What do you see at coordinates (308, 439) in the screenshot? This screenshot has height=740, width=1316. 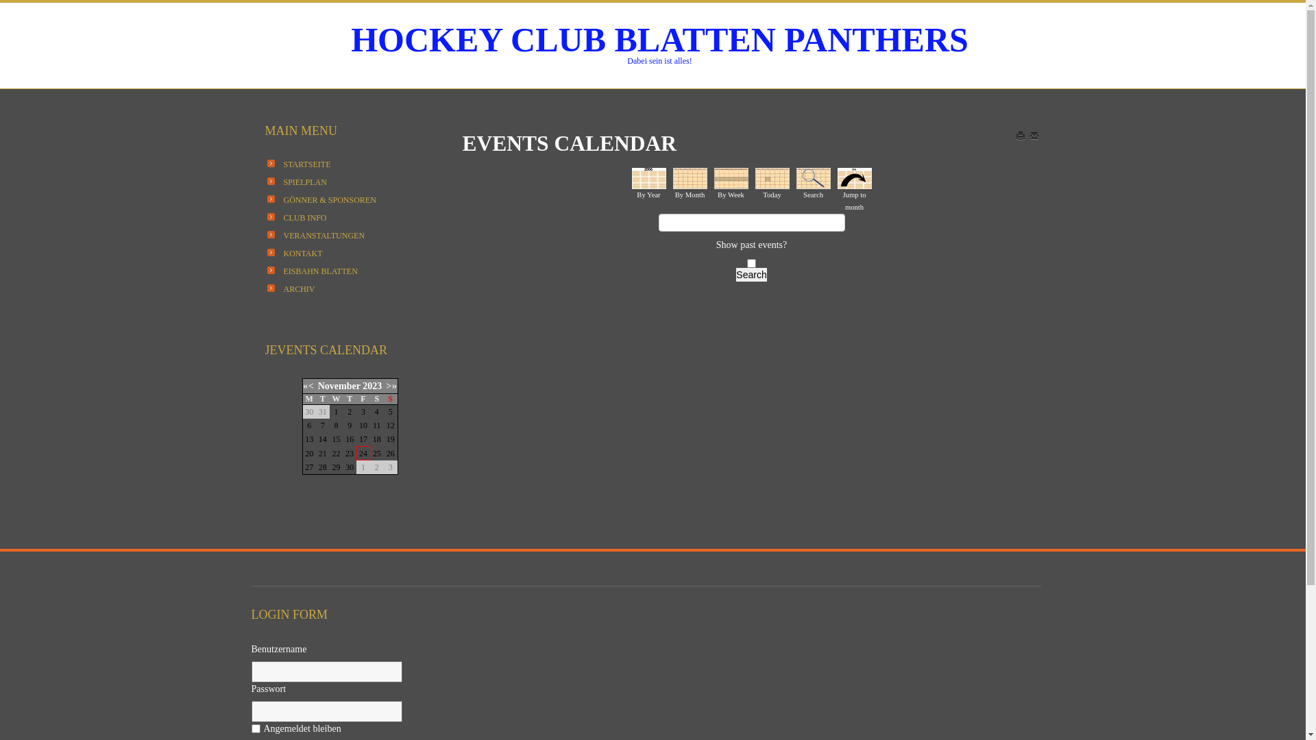 I see `'13'` at bounding box center [308, 439].